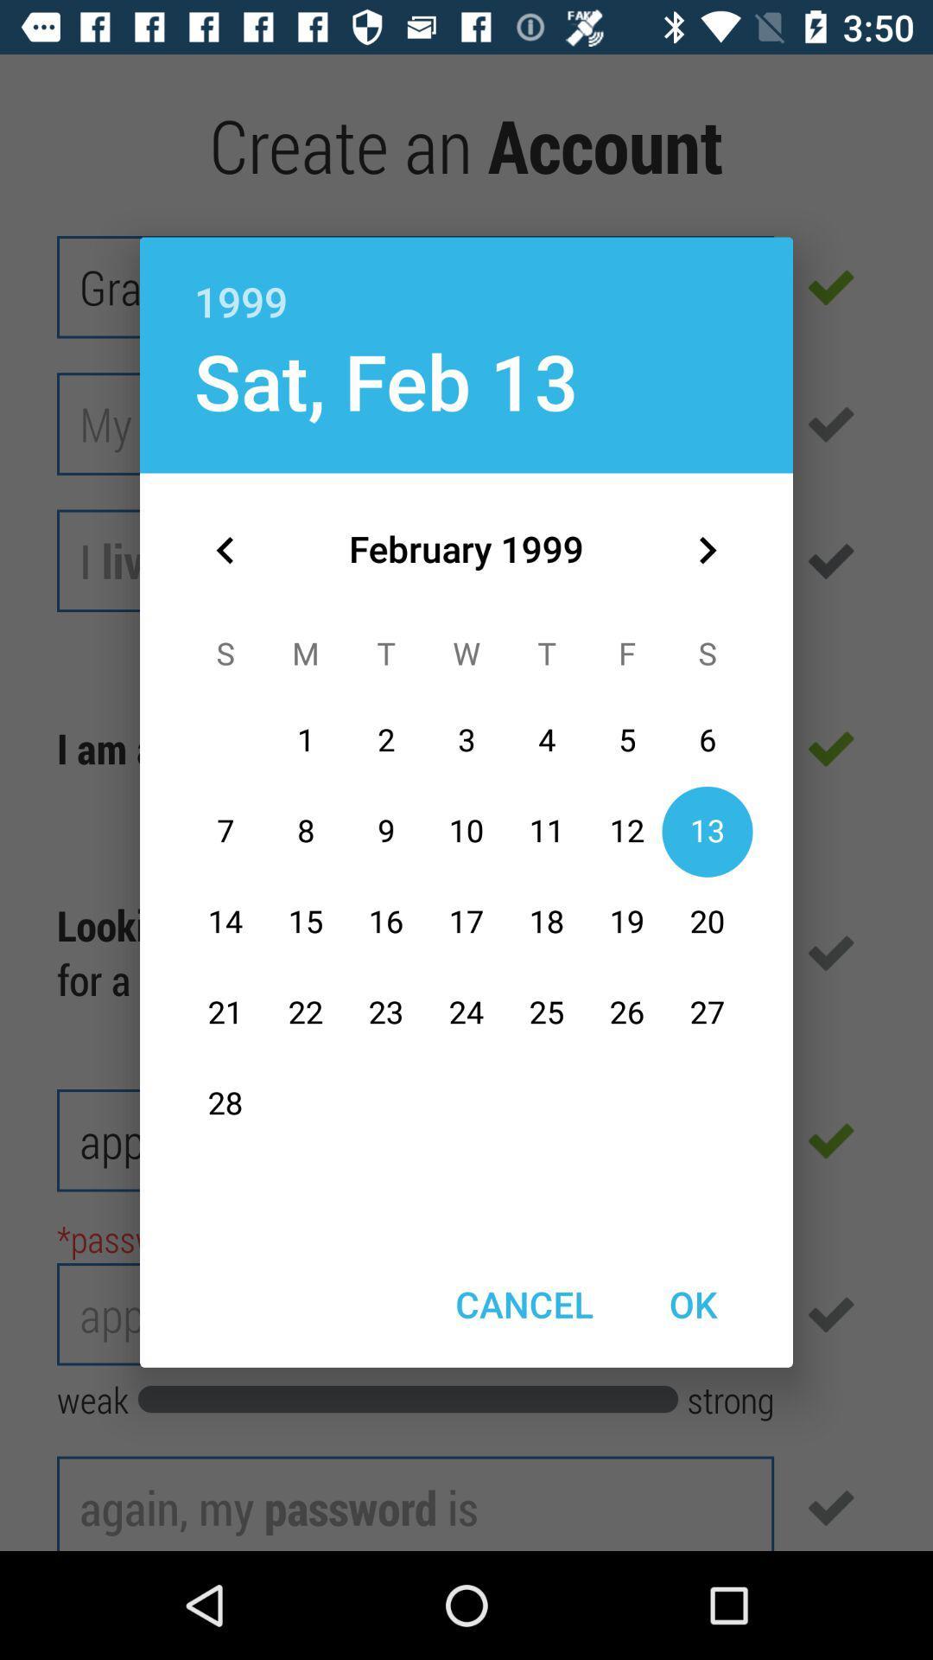 The image size is (933, 1660). I want to click on the cancel, so click(524, 1304).